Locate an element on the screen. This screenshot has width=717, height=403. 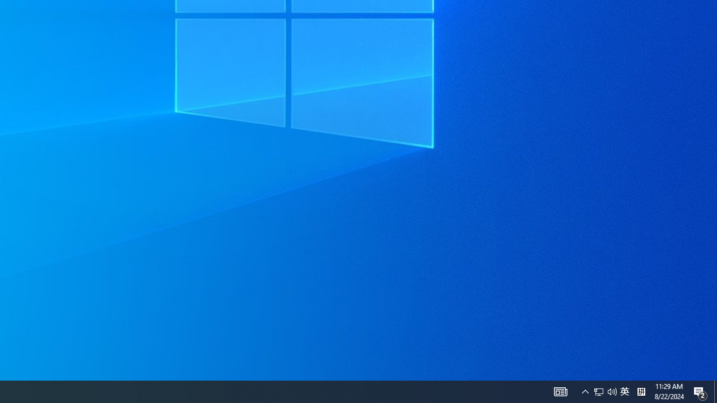
'Notification Chevron' is located at coordinates (598, 391).